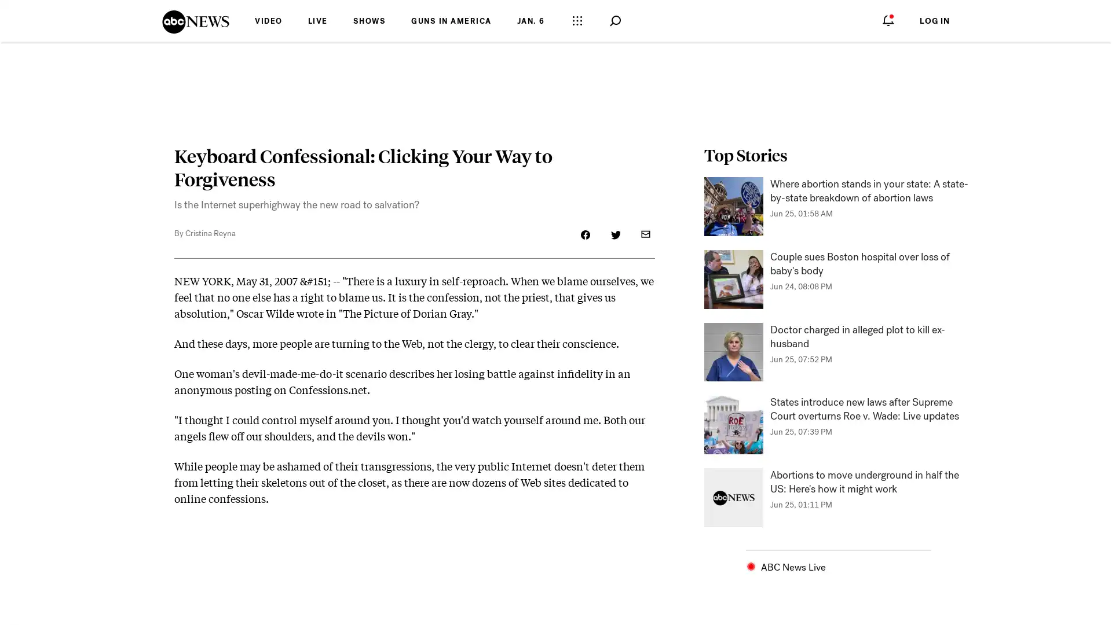  I want to click on Open Search Bar, so click(614, 21).